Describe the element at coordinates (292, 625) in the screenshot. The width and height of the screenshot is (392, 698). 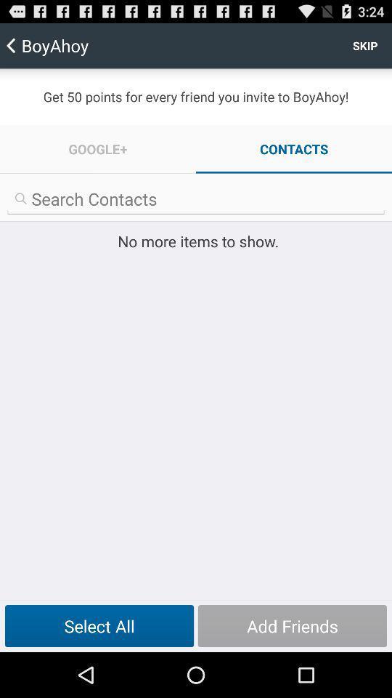
I see `button to the right of select all item` at that location.